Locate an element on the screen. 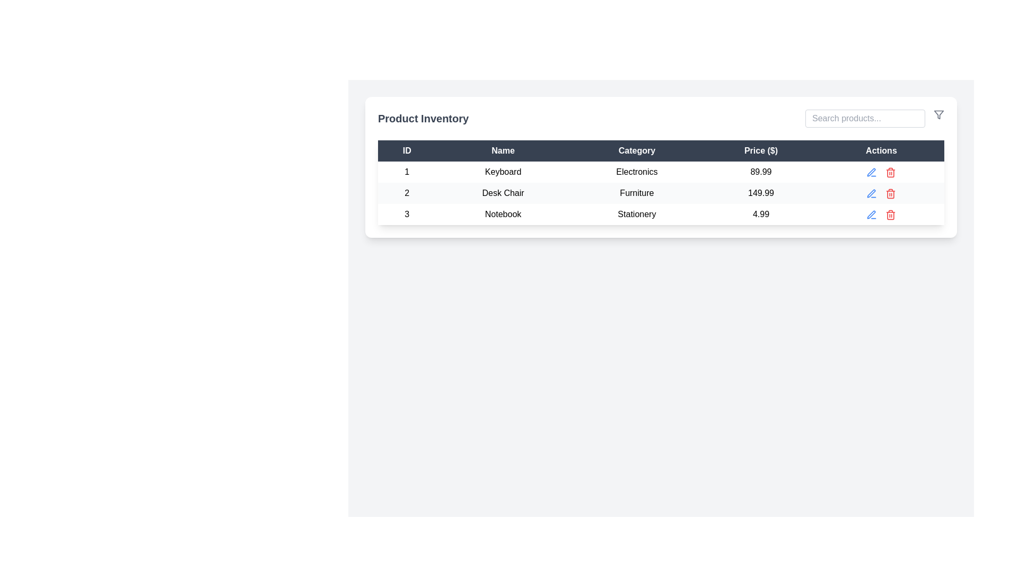 The width and height of the screenshot is (1018, 572). the static text label displaying 'Keyboard' located in the second cell under the 'Name' column of the product inventory table, which has a white background is located at coordinates (503, 171).